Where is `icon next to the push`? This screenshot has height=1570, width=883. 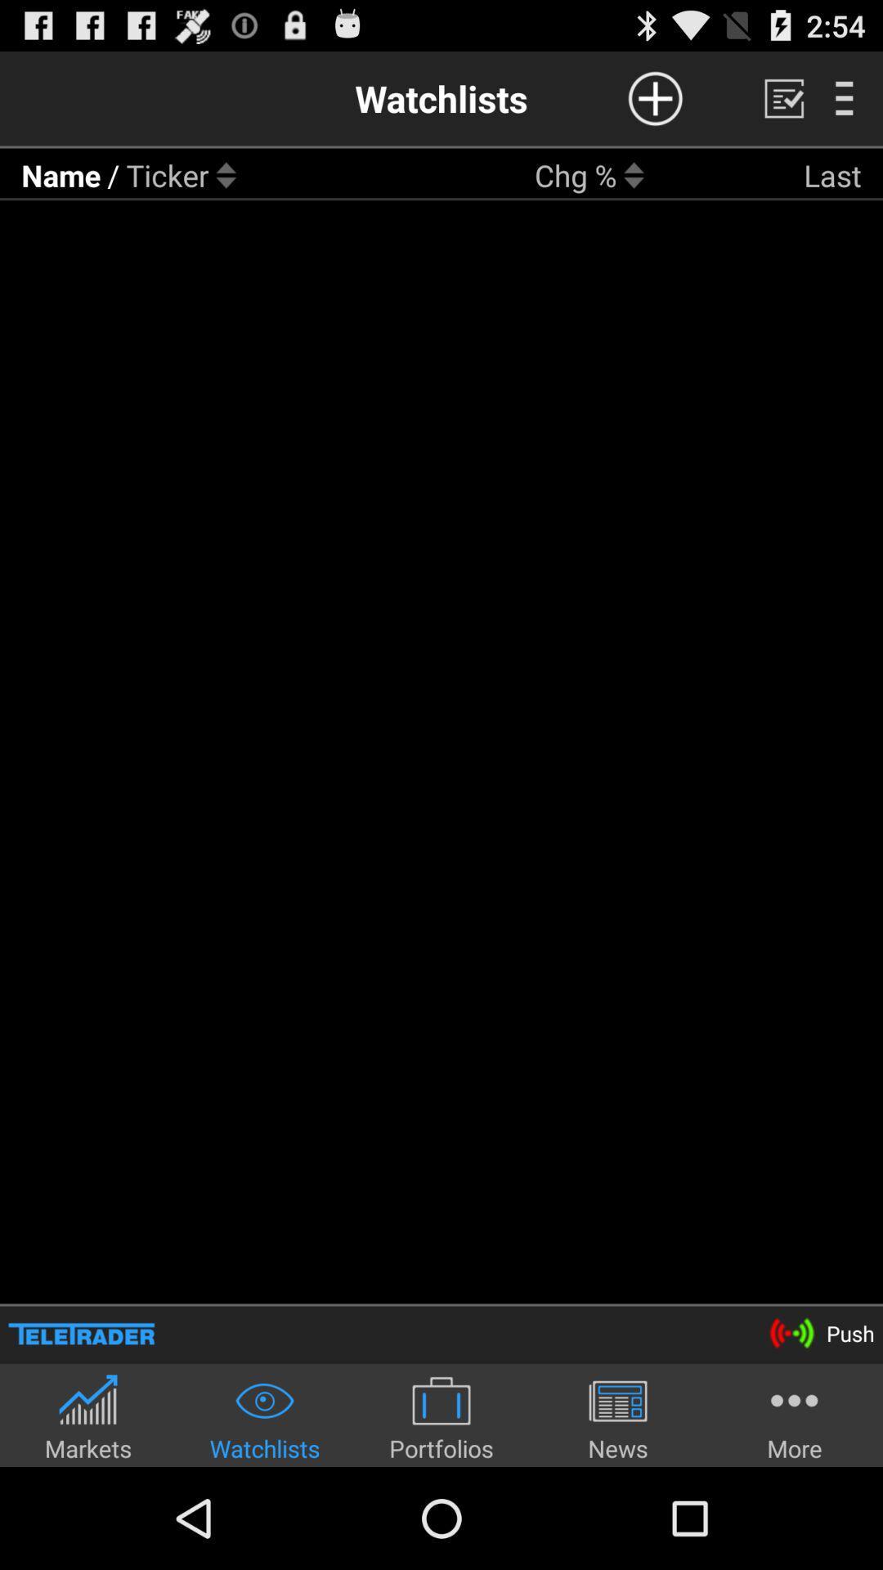 icon next to the push is located at coordinates (81, 1334).